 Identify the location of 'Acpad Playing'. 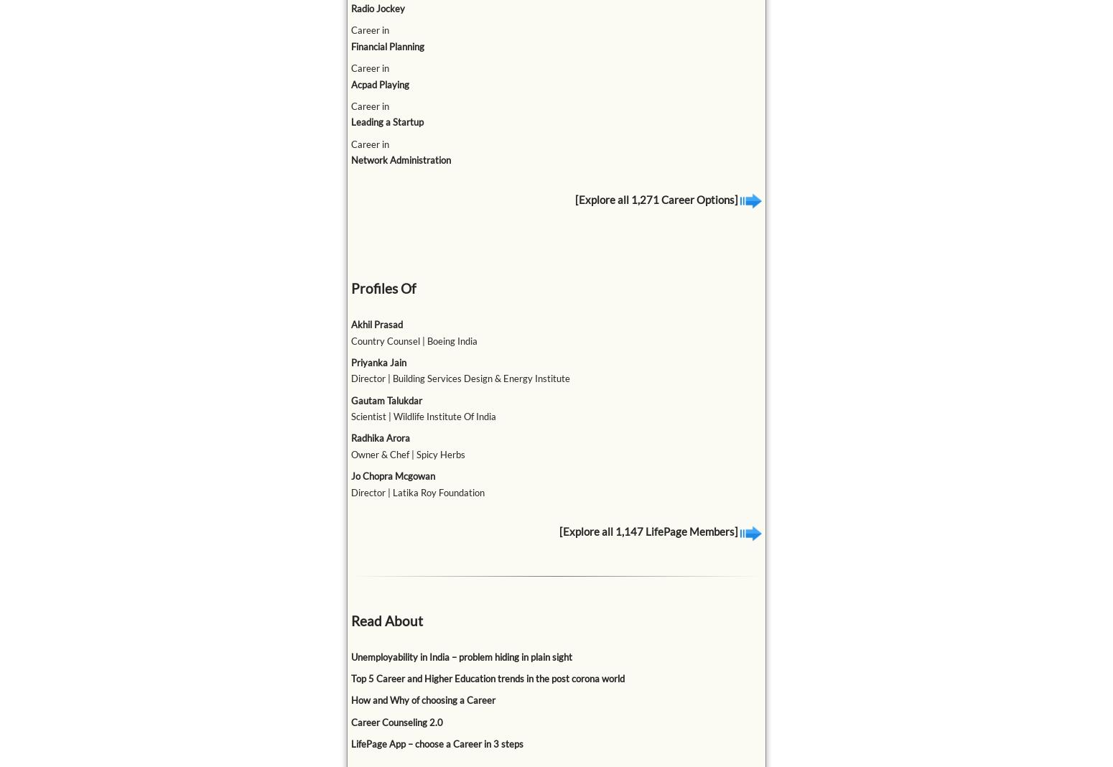
(378, 83).